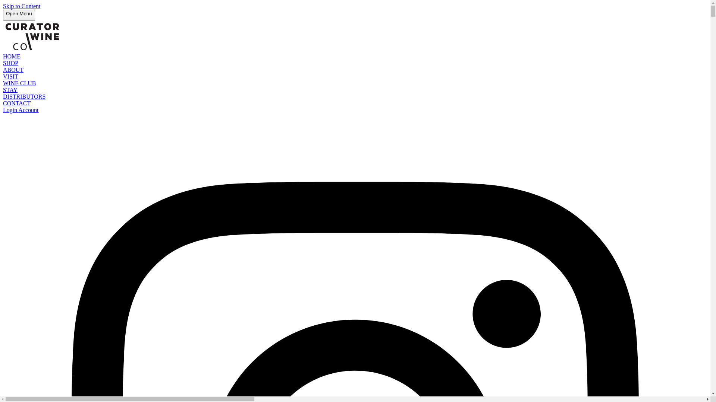 This screenshot has height=402, width=716. I want to click on 'WINE CLUB', so click(3, 83).